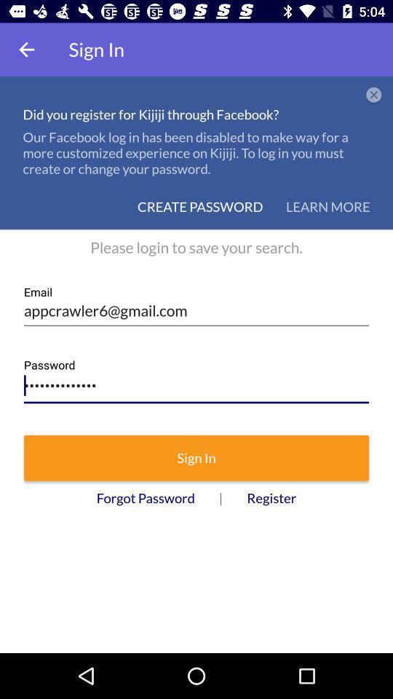 Image resolution: width=393 pixels, height=699 pixels. Describe the element at coordinates (199, 205) in the screenshot. I see `create password` at that location.